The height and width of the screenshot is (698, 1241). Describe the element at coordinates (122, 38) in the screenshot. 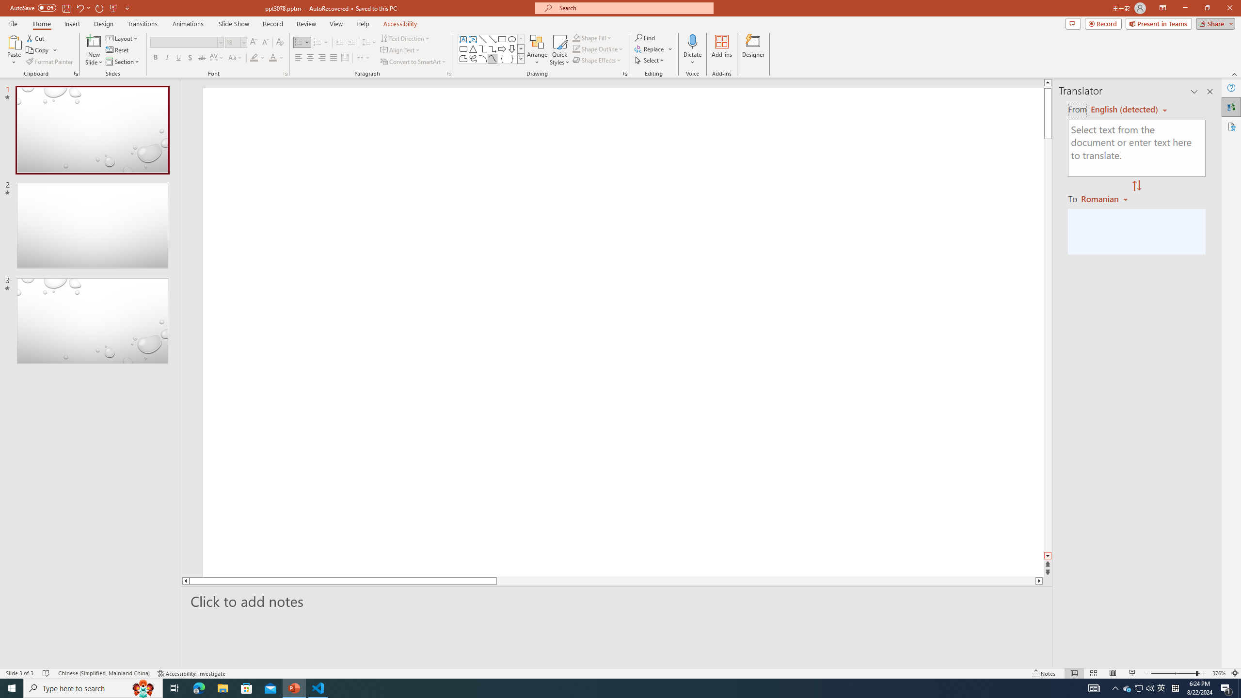

I see `'Layout'` at that location.